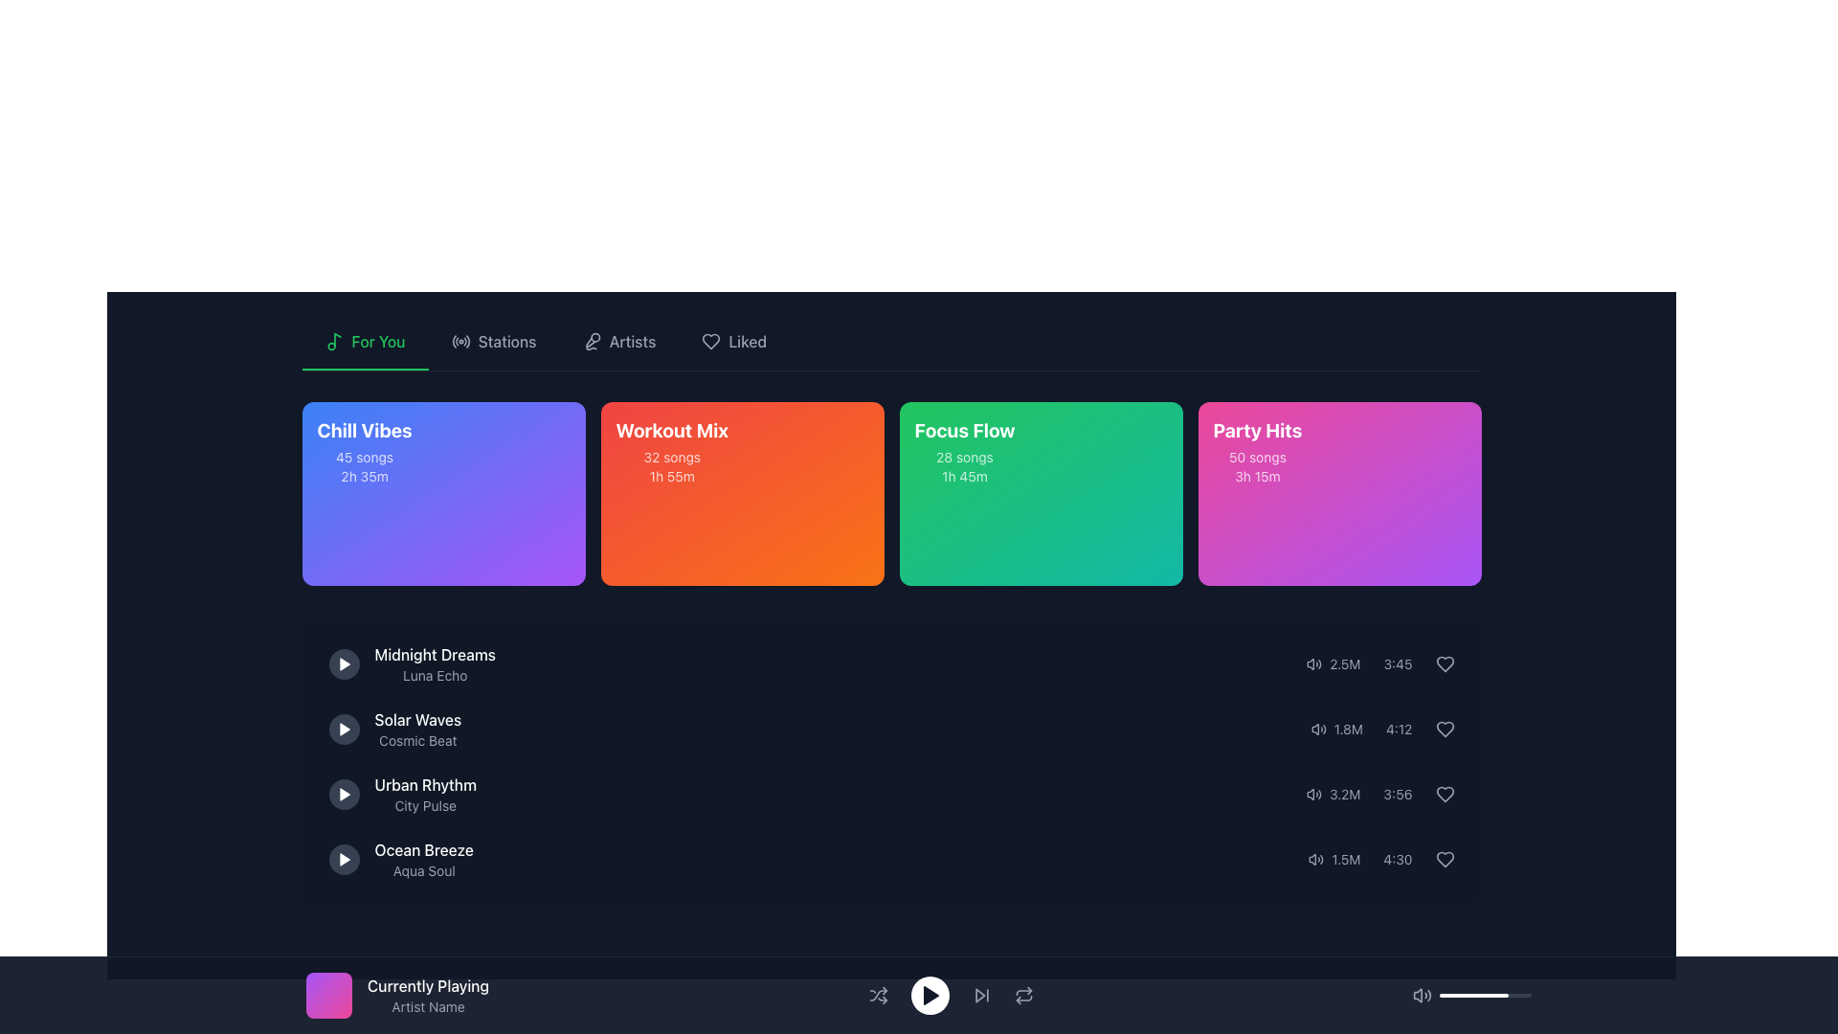 The height and width of the screenshot is (1034, 1838). I want to click on the Text label displaying '1h 55m' time duration, located in the 'Workout Mix' section beneath '32 songs' and styled with a smaller font on an orange background, so click(672, 475).